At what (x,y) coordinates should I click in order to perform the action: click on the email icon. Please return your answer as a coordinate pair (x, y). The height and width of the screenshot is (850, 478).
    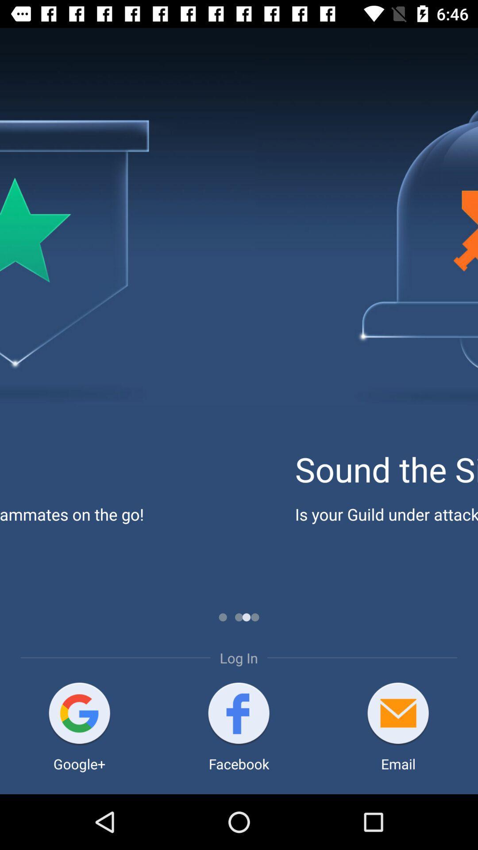
    Looking at the image, I should click on (397, 714).